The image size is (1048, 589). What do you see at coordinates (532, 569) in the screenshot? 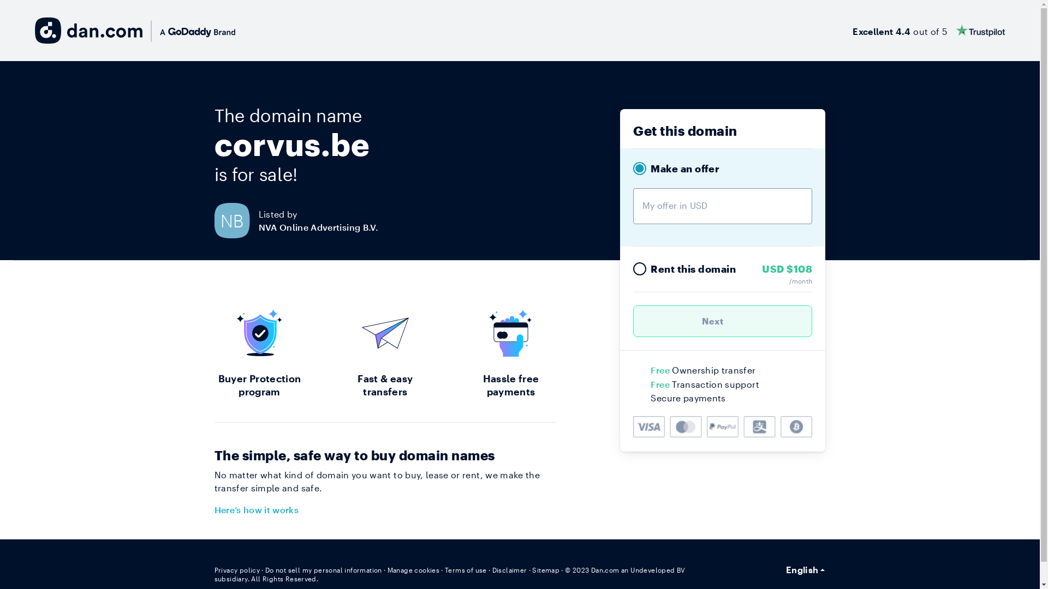
I see `'Sitemap'` at bounding box center [532, 569].